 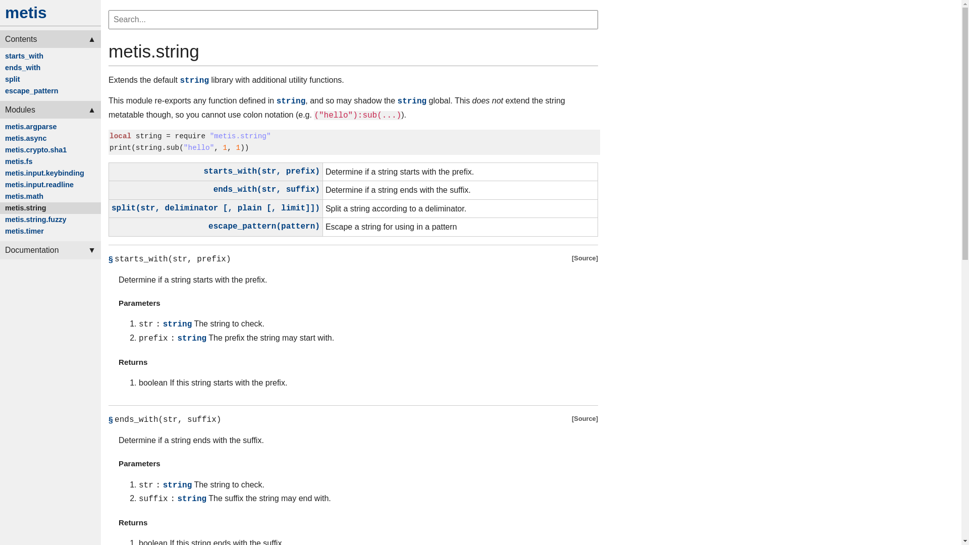 What do you see at coordinates (111, 207) in the screenshot?
I see `'split(str, deliminator [, plain [, limit]])'` at bounding box center [111, 207].